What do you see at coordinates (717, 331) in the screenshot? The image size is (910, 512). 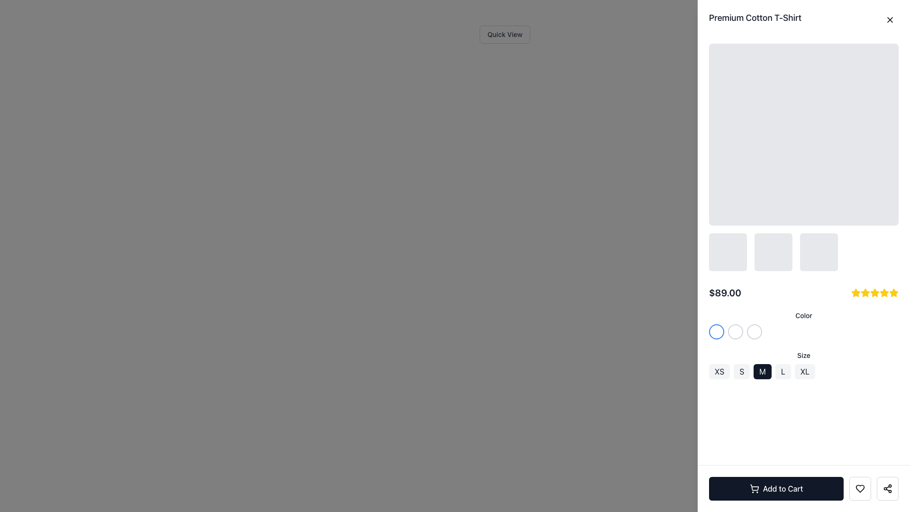 I see `the first circular color selection button located below the price section labeled 'Color'` at bounding box center [717, 331].